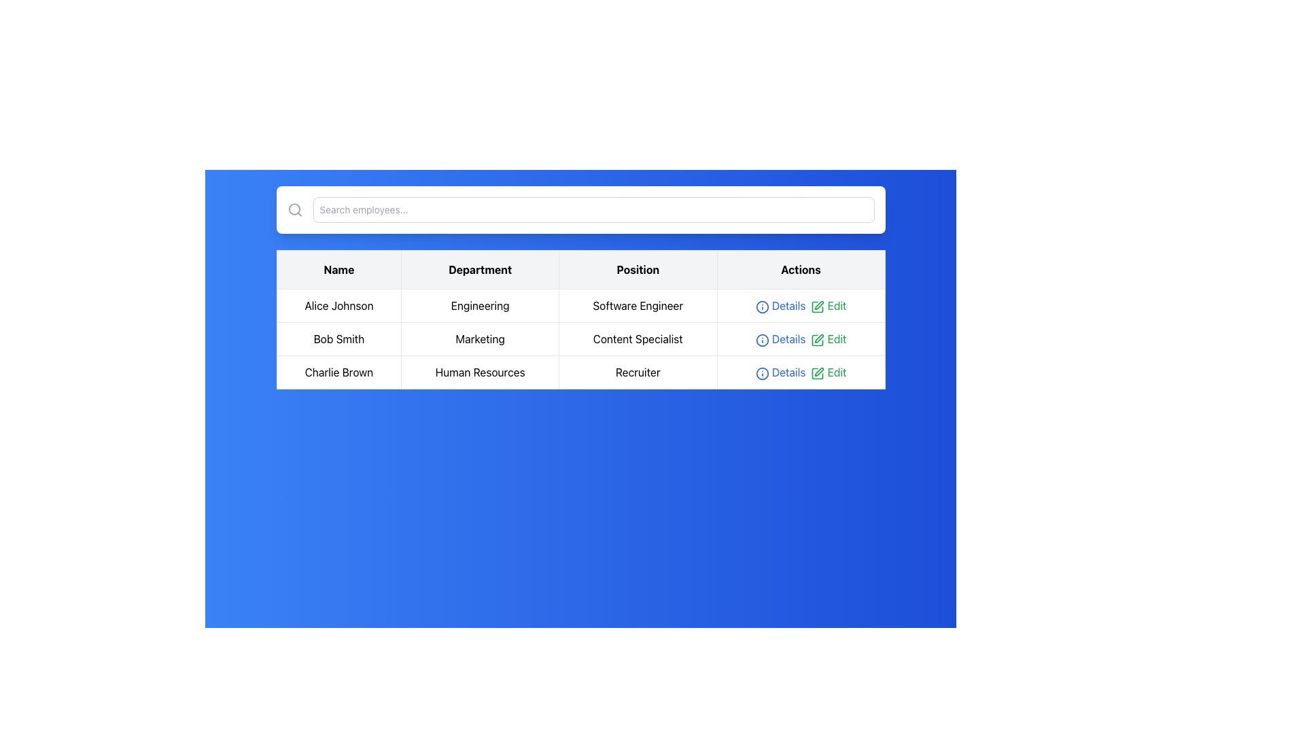 The height and width of the screenshot is (734, 1305). I want to click on the text label displaying the department information for user 'Bob Smith', which is centrally located in the second cell under the 'Department' header, so click(480, 338).